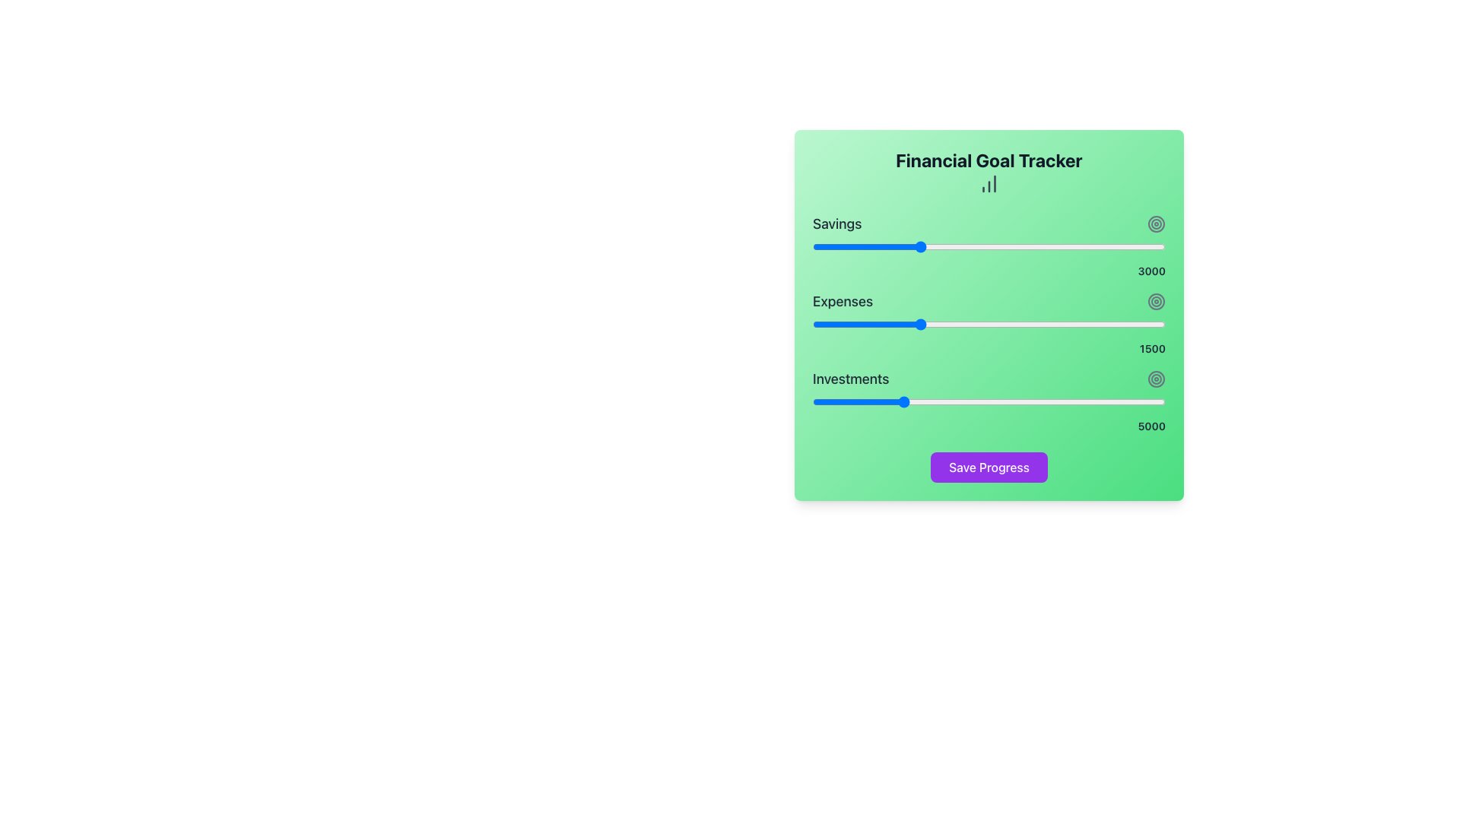 This screenshot has width=1460, height=821. Describe the element at coordinates (903, 246) in the screenshot. I see `the Savings slider` at that location.